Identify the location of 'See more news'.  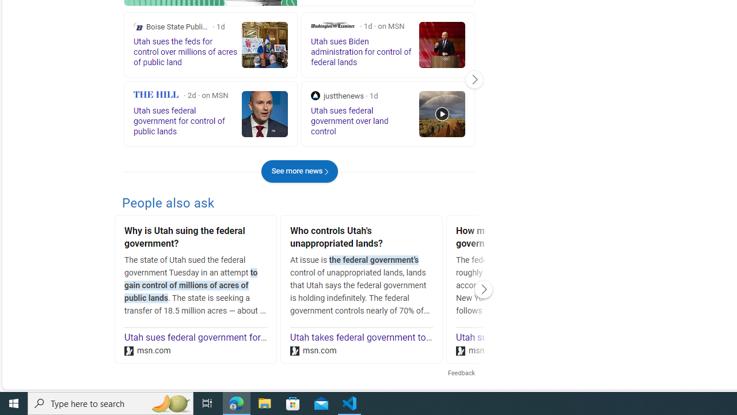
(299, 171).